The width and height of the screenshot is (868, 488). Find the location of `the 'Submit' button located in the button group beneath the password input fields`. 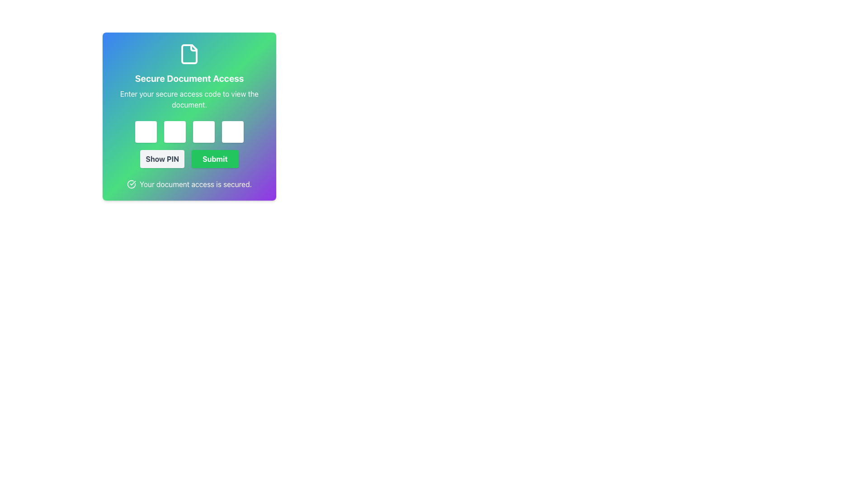

the 'Submit' button located in the button group beneath the password input fields is located at coordinates (189, 158).